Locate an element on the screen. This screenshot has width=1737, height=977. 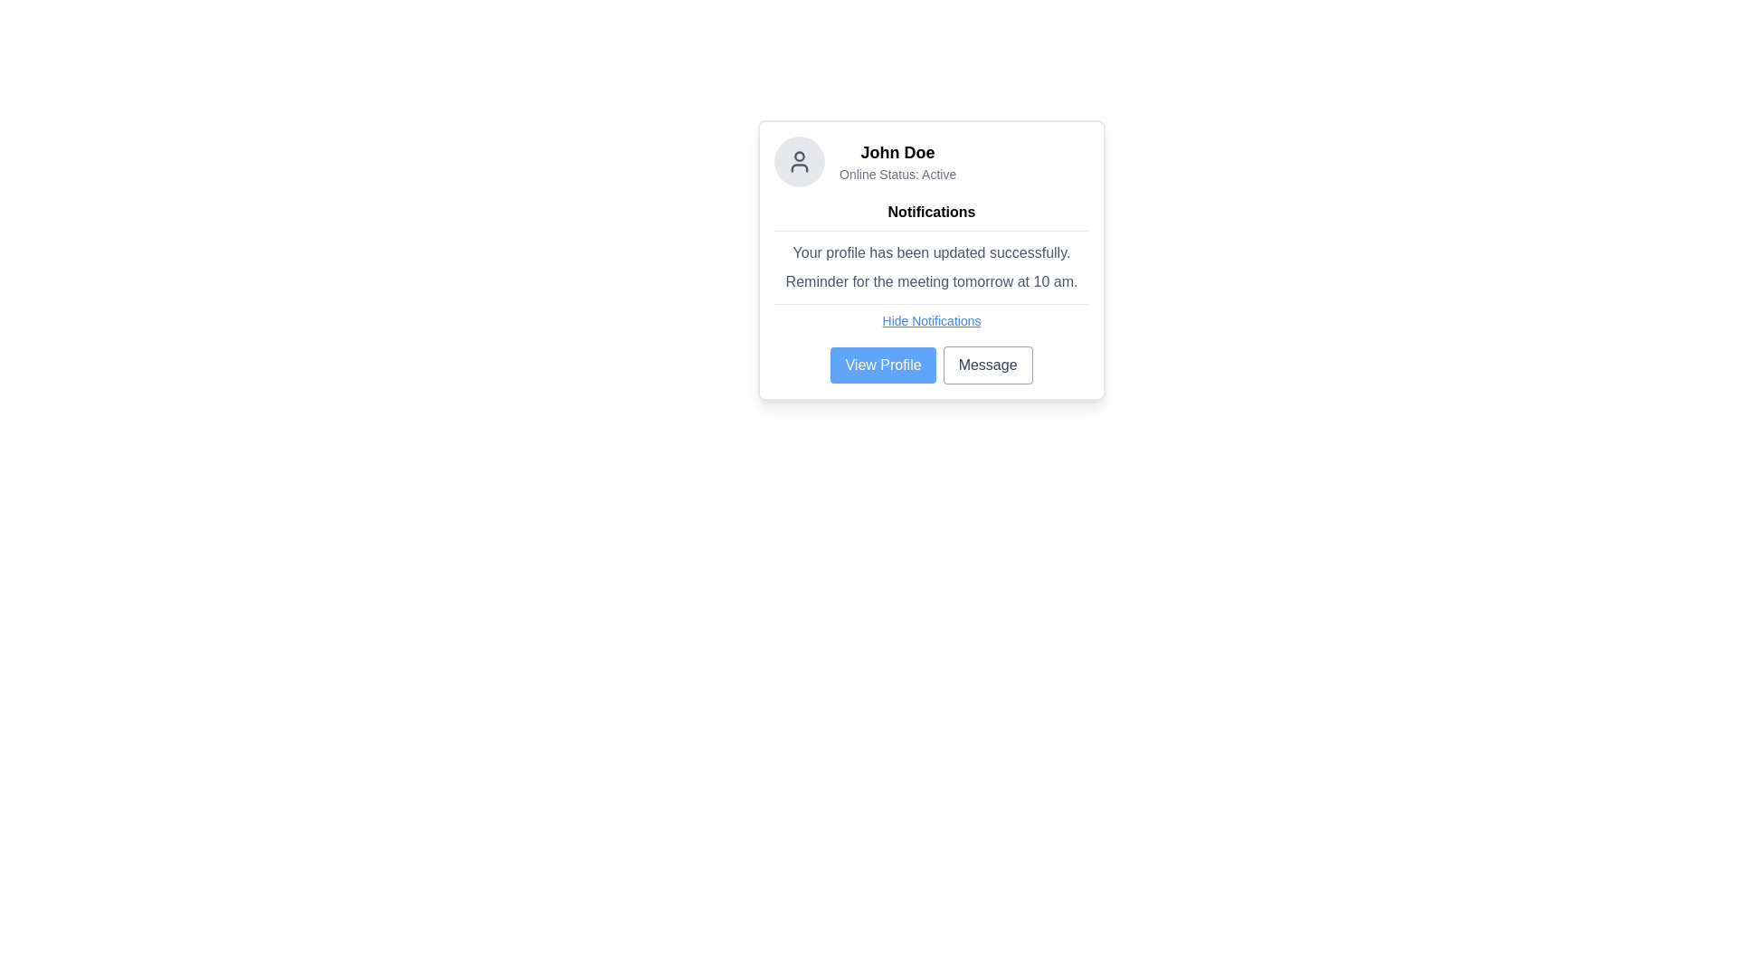
the informational notification about the upcoming meeting scheduled for 10 am, located centrally within the card below the message stating 'Your profile has been updated successfully.' is located at coordinates (932, 282).